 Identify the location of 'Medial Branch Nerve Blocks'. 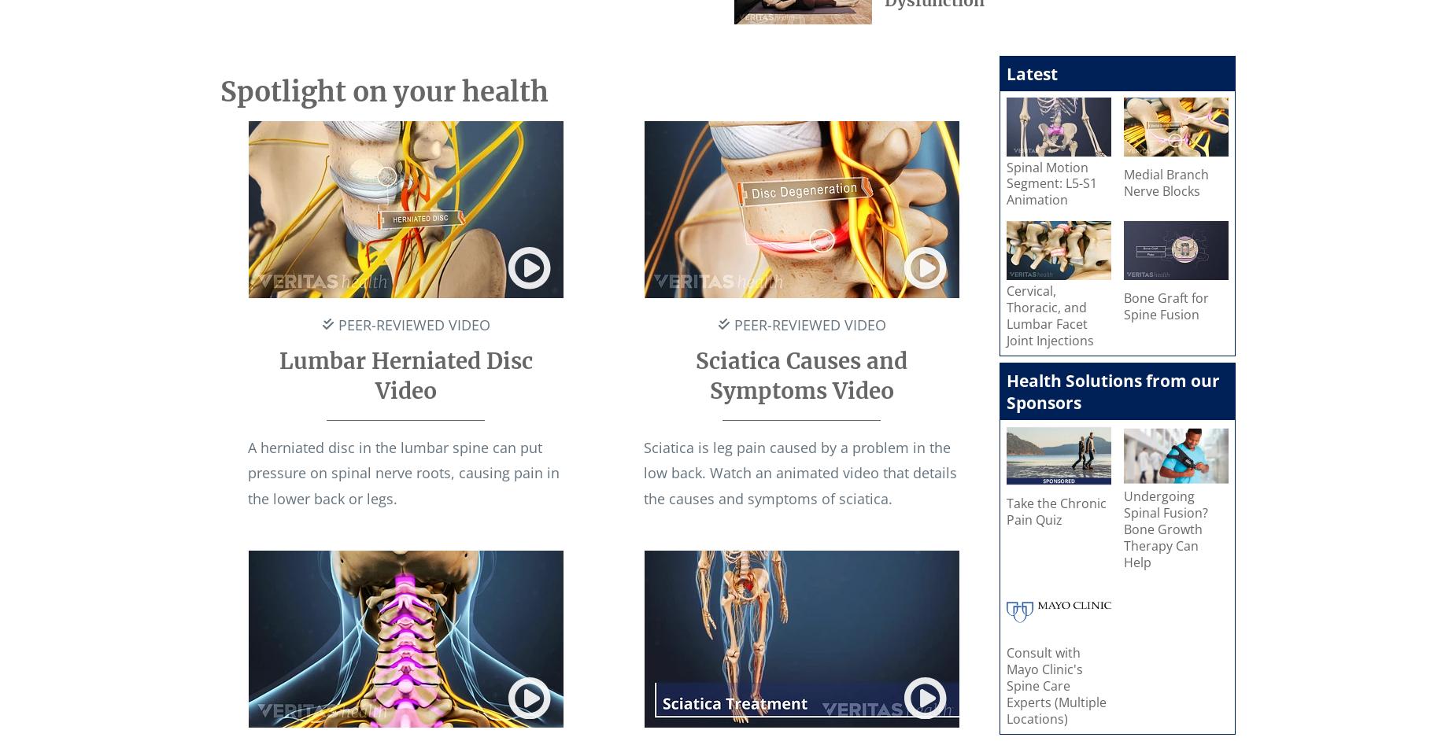
(1166, 182).